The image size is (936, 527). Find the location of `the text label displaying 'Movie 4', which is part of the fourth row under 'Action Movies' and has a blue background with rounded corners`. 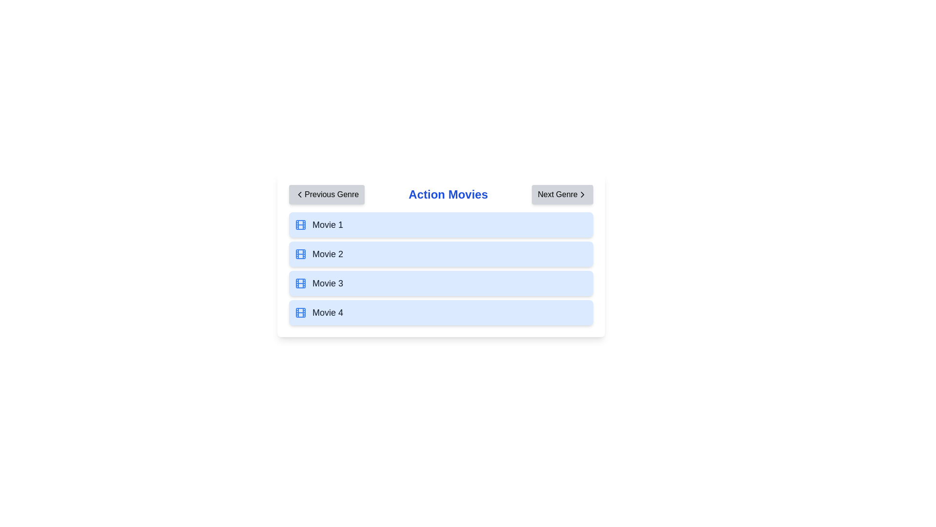

the text label displaying 'Movie 4', which is part of the fourth row under 'Action Movies' and has a blue background with rounded corners is located at coordinates (328, 312).